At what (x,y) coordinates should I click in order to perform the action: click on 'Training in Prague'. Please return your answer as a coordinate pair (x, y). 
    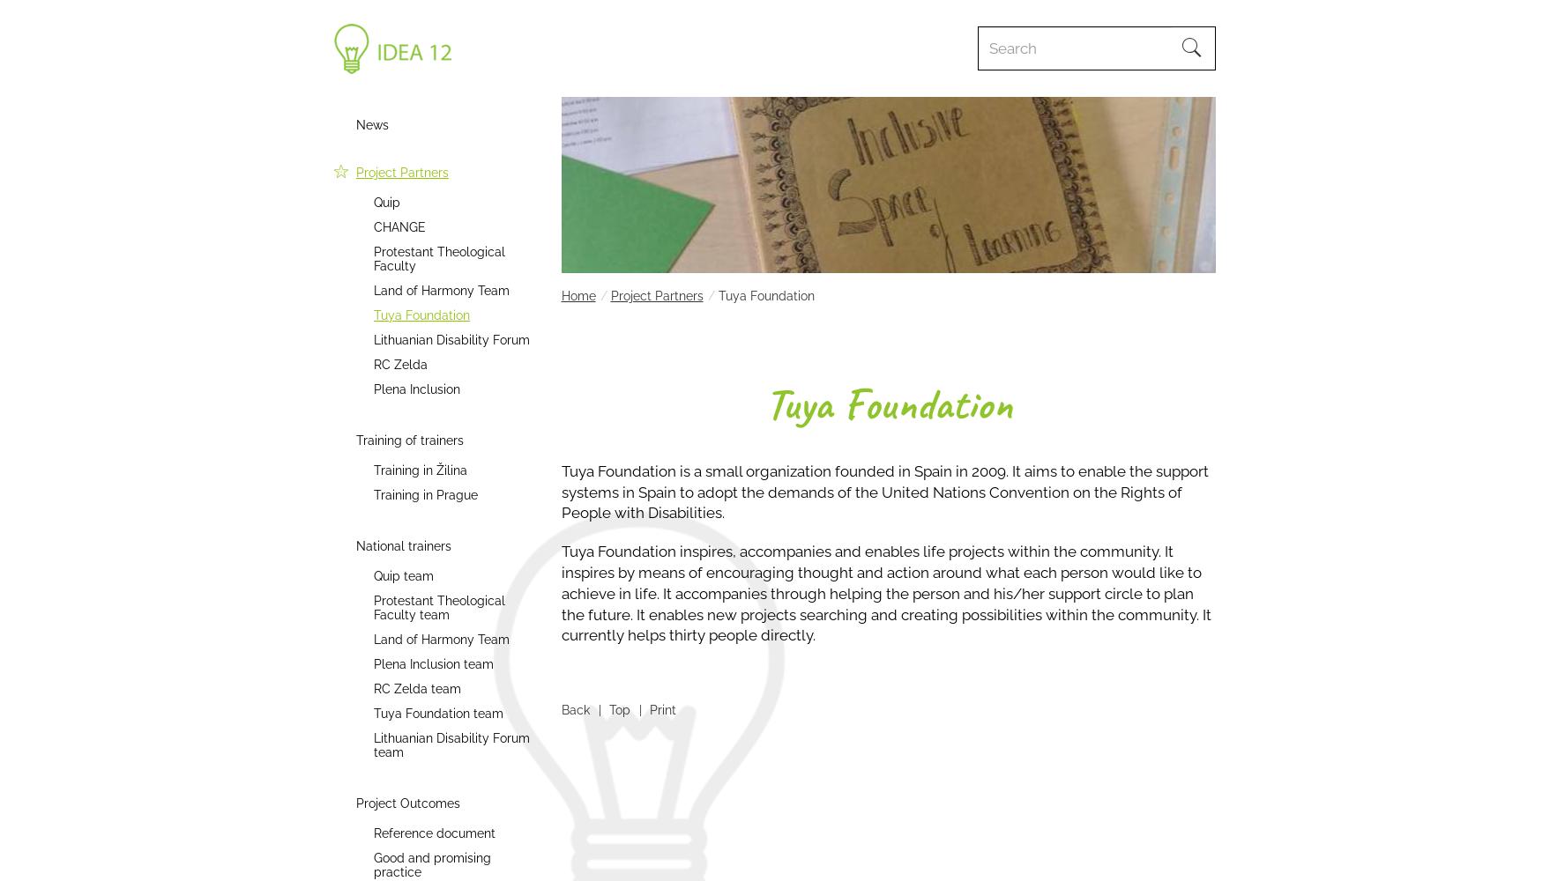
    Looking at the image, I should click on (424, 495).